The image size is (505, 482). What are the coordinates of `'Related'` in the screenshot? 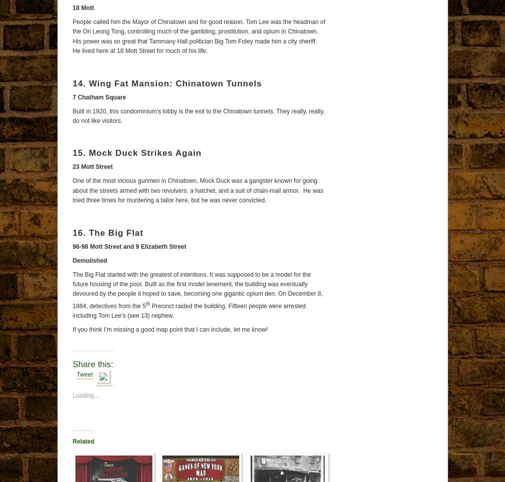 It's located at (82, 442).